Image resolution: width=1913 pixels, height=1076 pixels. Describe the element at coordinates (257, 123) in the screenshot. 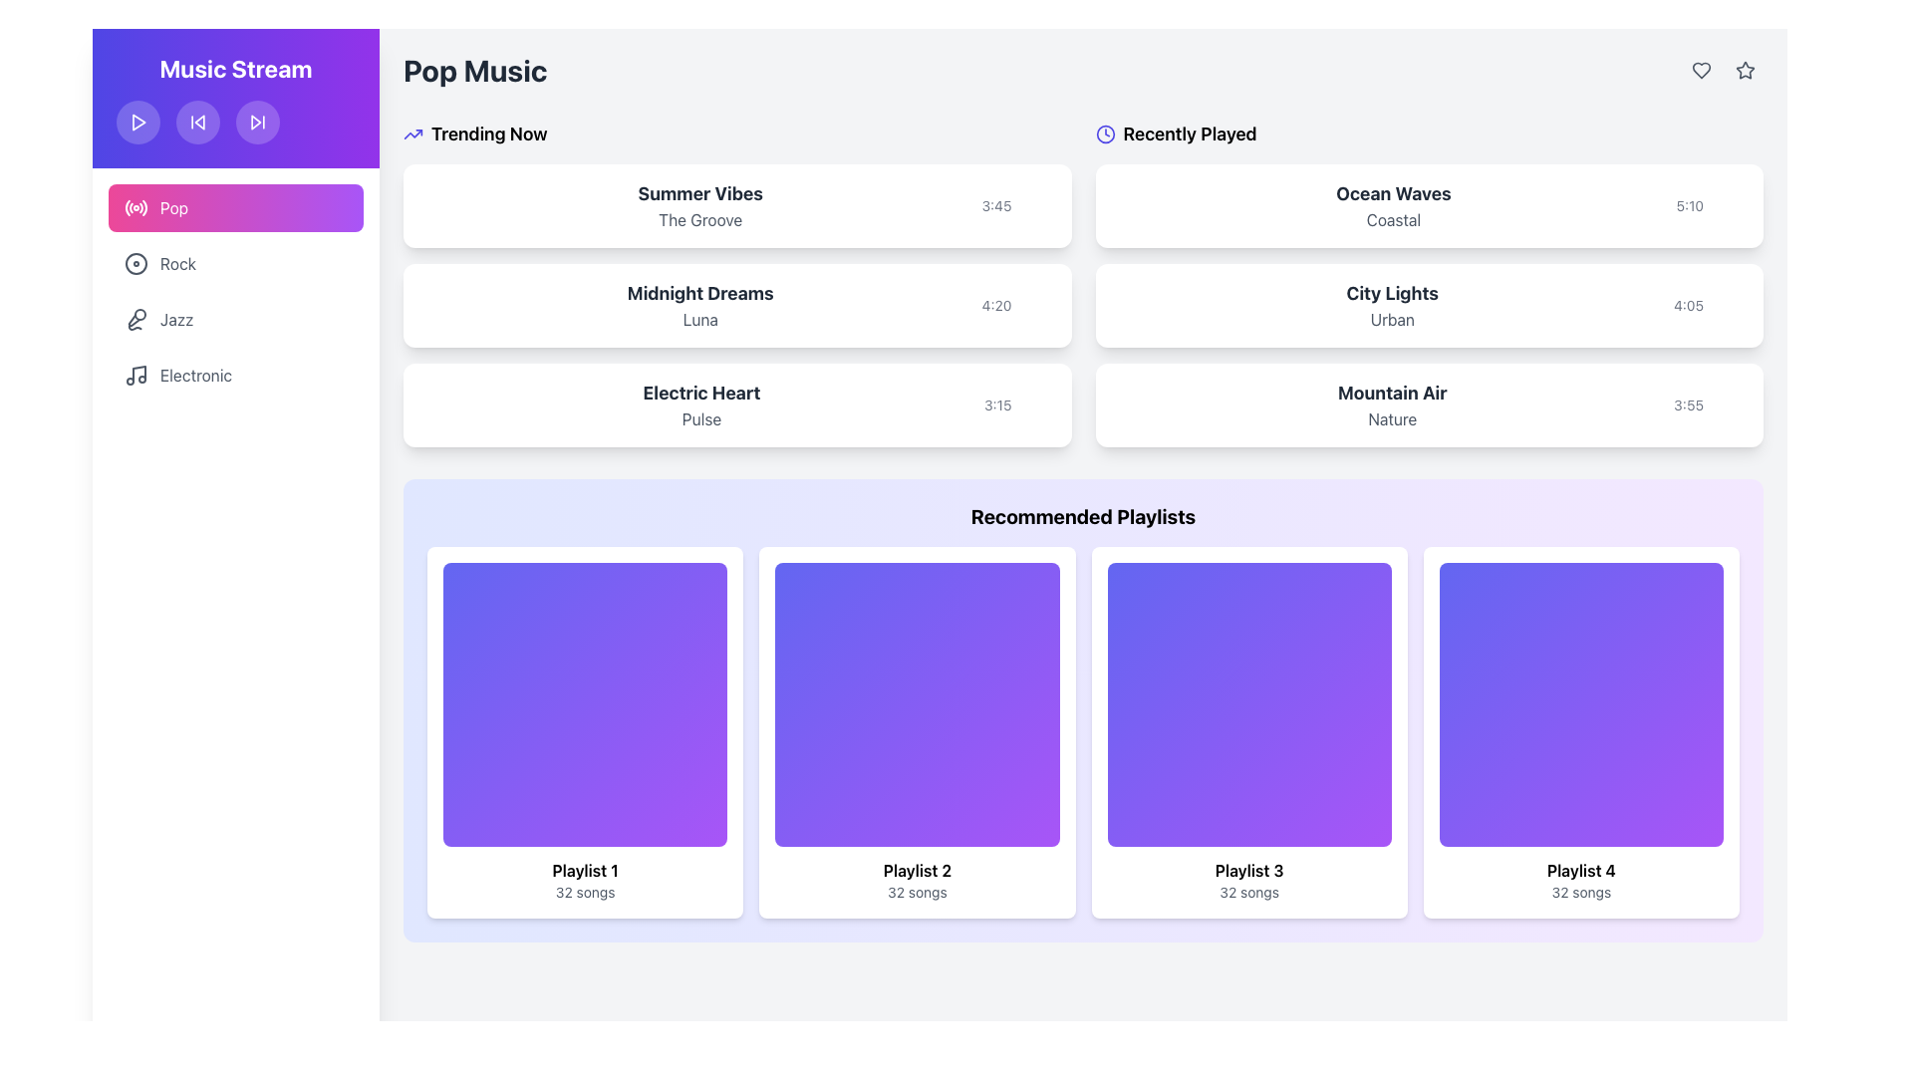

I see `the circular skip-forward button with a minimalist right-pointing arrow icon to skip to the next track` at that location.